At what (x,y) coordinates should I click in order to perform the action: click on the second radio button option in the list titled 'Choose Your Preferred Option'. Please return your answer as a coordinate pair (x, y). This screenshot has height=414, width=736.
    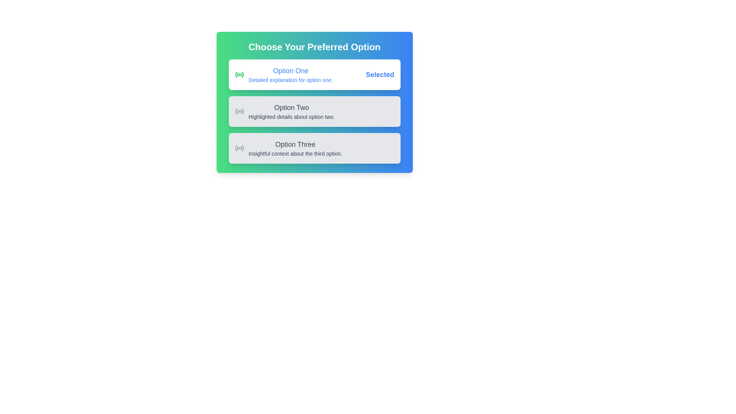
    Looking at the image, I should click on (314, 111).